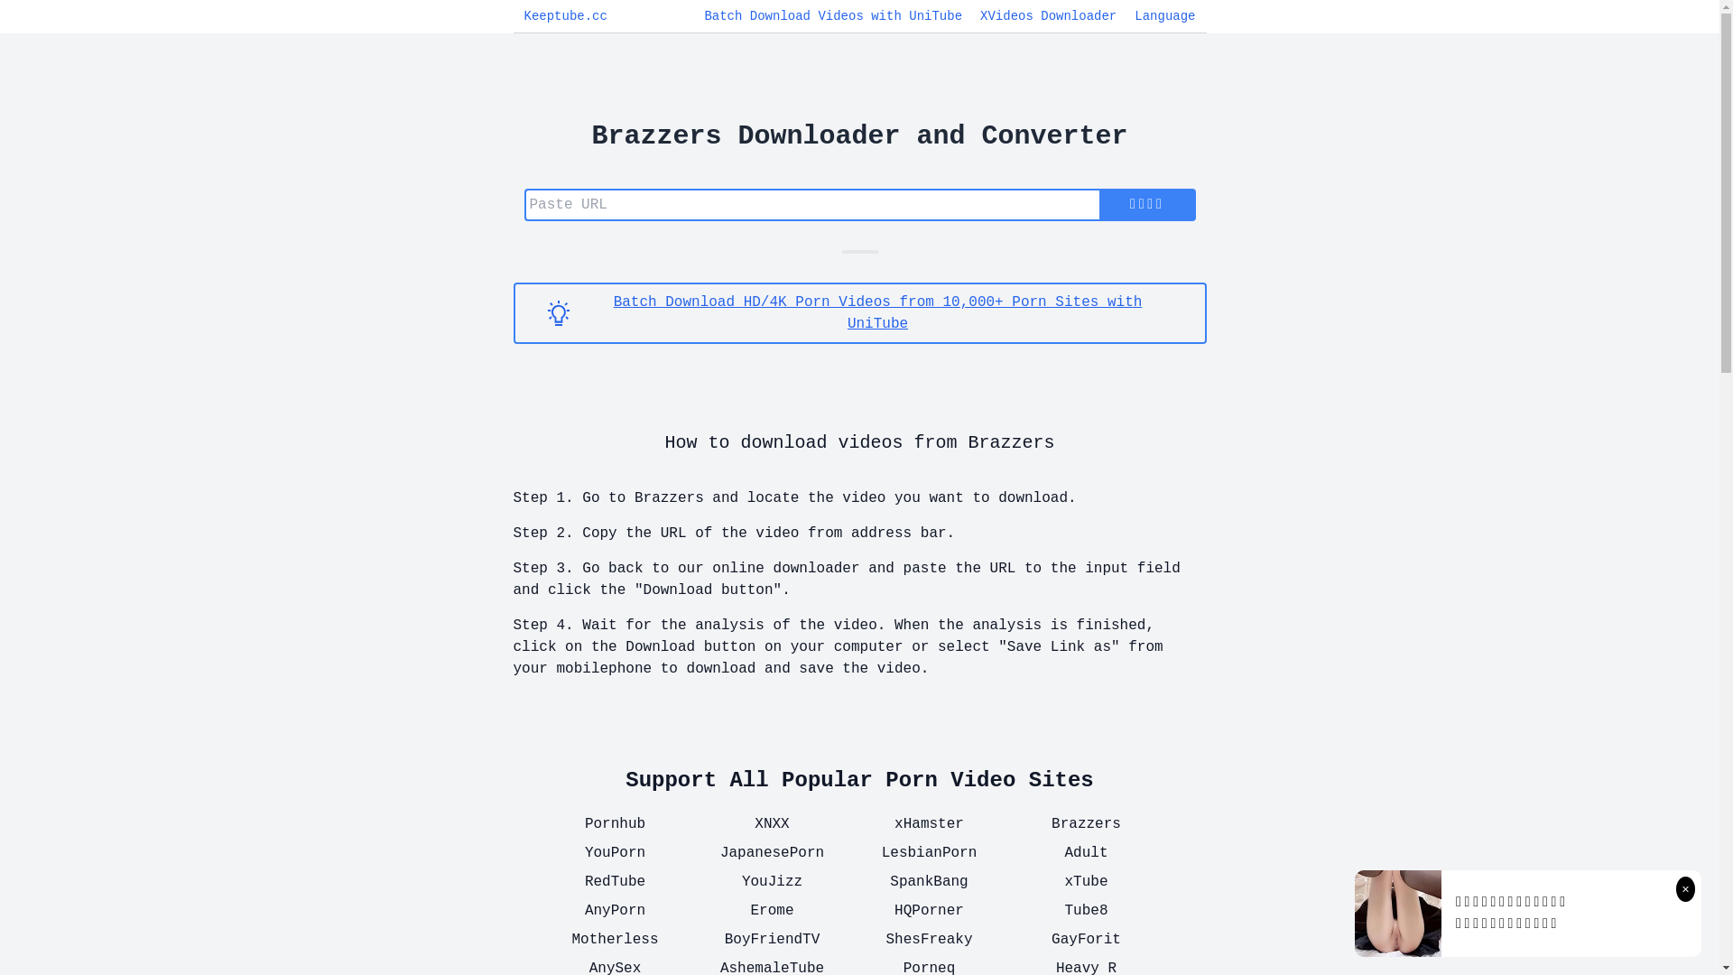  Describe the element at coordinates (1019, 853) in the screenshot. I see `'Adult'` at that location.